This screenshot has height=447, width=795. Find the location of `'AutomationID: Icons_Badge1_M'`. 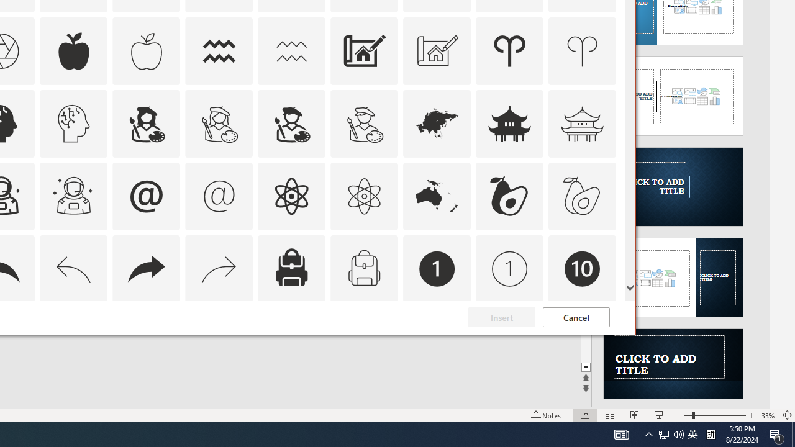

'AutomationID: Icons_Badge1_M' is located at coordinates (510, 268).